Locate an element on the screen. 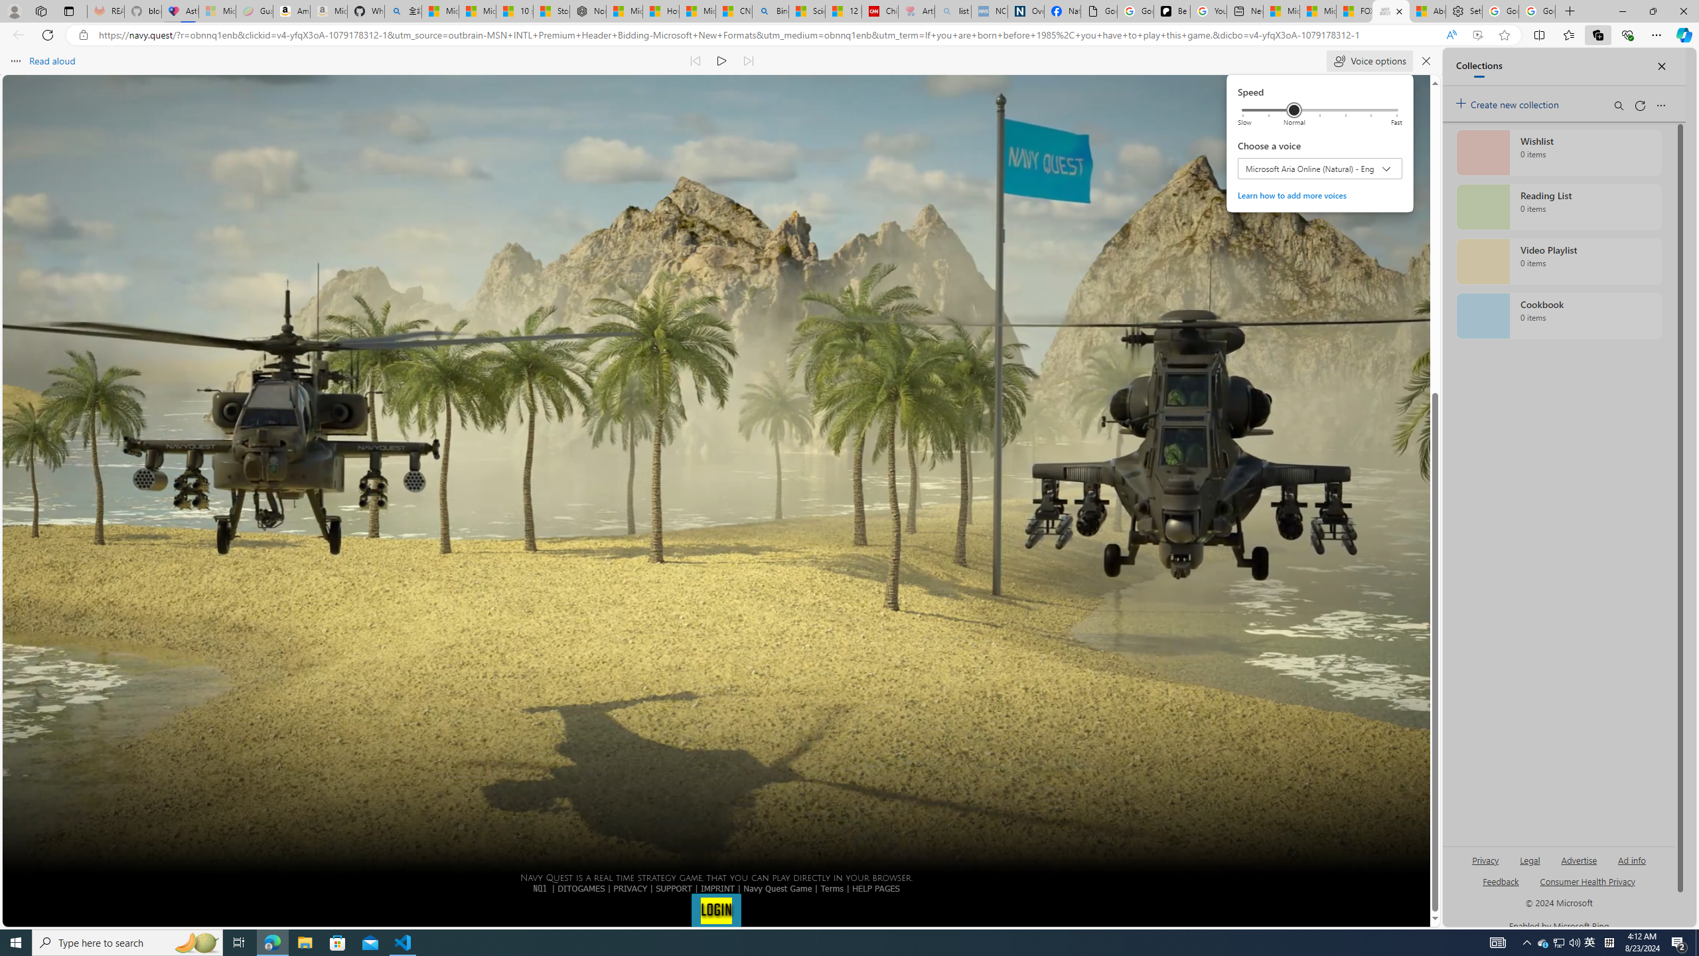 This screenshot has height=956, width=1699. 'Tray Input Indicator - Chinese (Simplified, China)' is located at coordinates (1609, 941).